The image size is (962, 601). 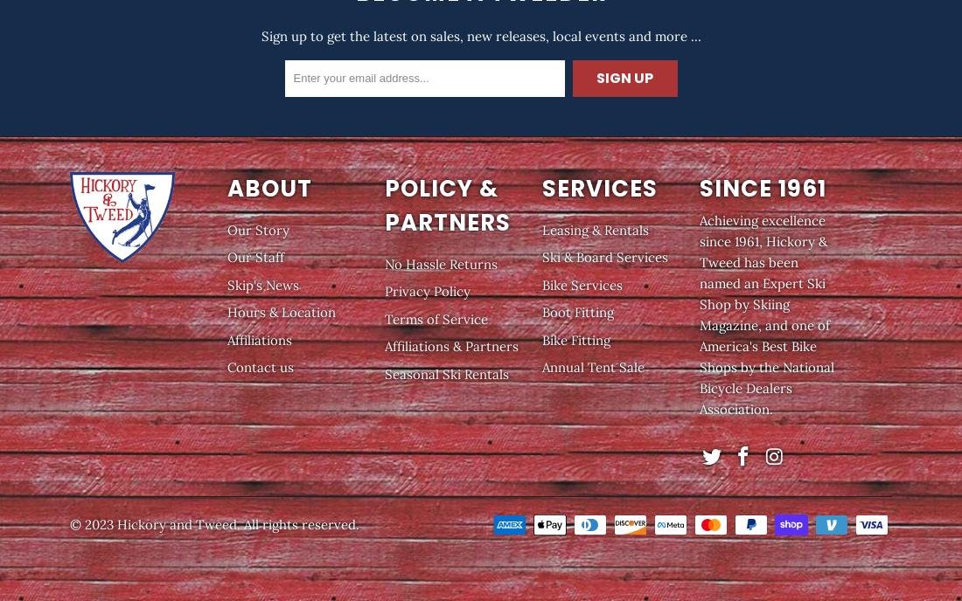 I want to click on 'Terms of Service', so click(x=436, y=318).